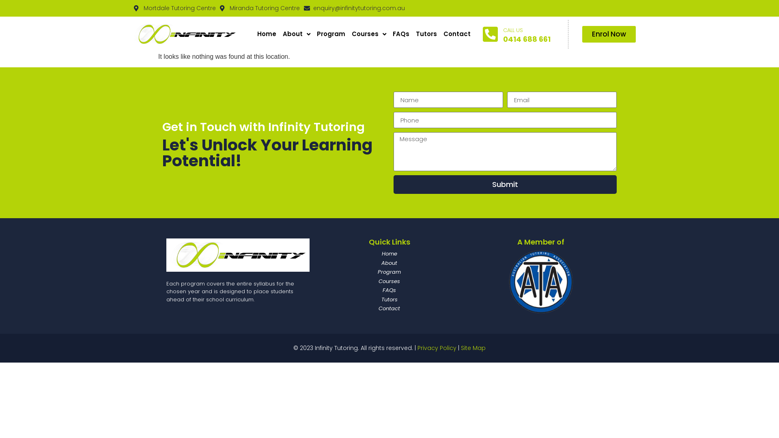 The image size is (779, 438). I want to click on 'Home', so click(317, 253).